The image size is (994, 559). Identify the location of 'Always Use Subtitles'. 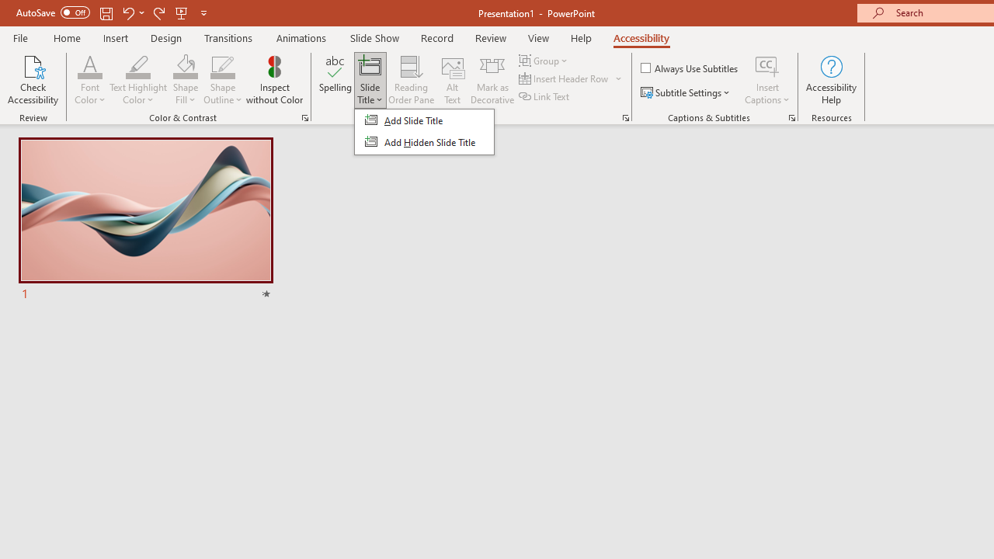
(690, 67).